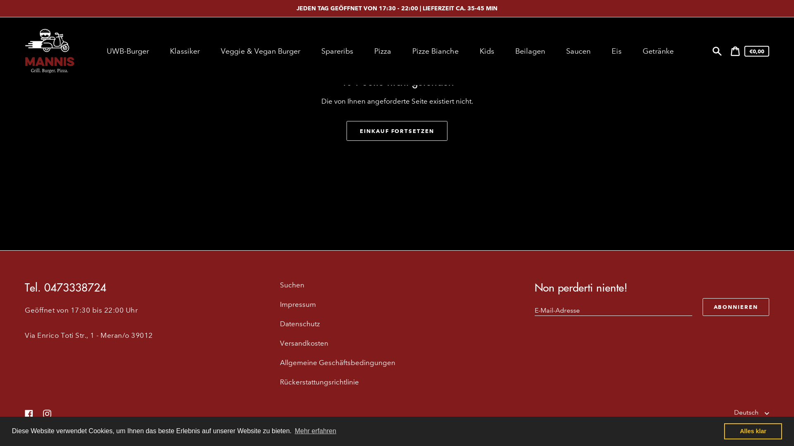 The height and width of the screenshot is (446, 794). What do you see at coordinates (735, 51) in the screenshot?
I see `'Warenkorb'` at bounding box center [735, 51].